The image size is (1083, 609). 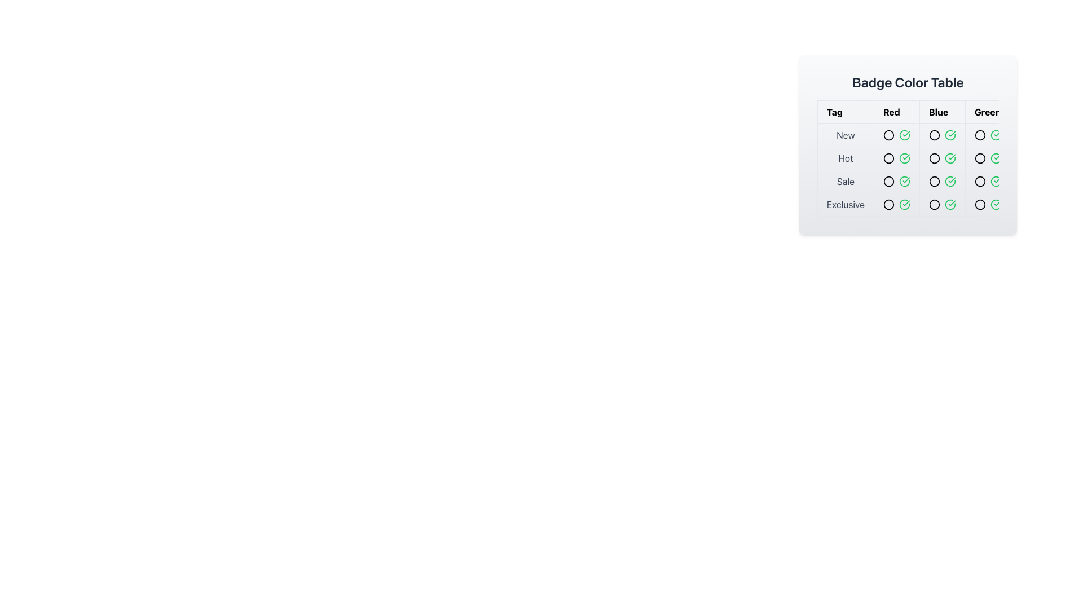 I want to click on the graphical indicator with a dark outline and a green checkmark located in the 'Greer' column and 'Sale' row of the 'Badge Color Table', so click(x=987, y=180).